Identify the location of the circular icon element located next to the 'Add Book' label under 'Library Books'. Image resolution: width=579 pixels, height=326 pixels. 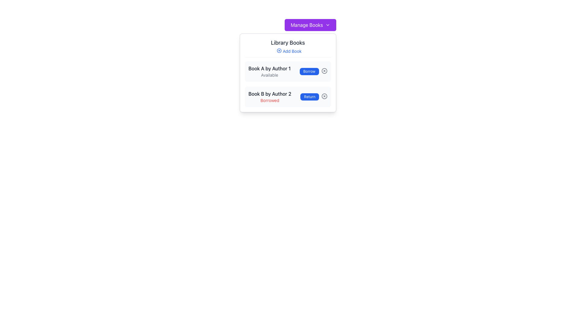
(279, 50).